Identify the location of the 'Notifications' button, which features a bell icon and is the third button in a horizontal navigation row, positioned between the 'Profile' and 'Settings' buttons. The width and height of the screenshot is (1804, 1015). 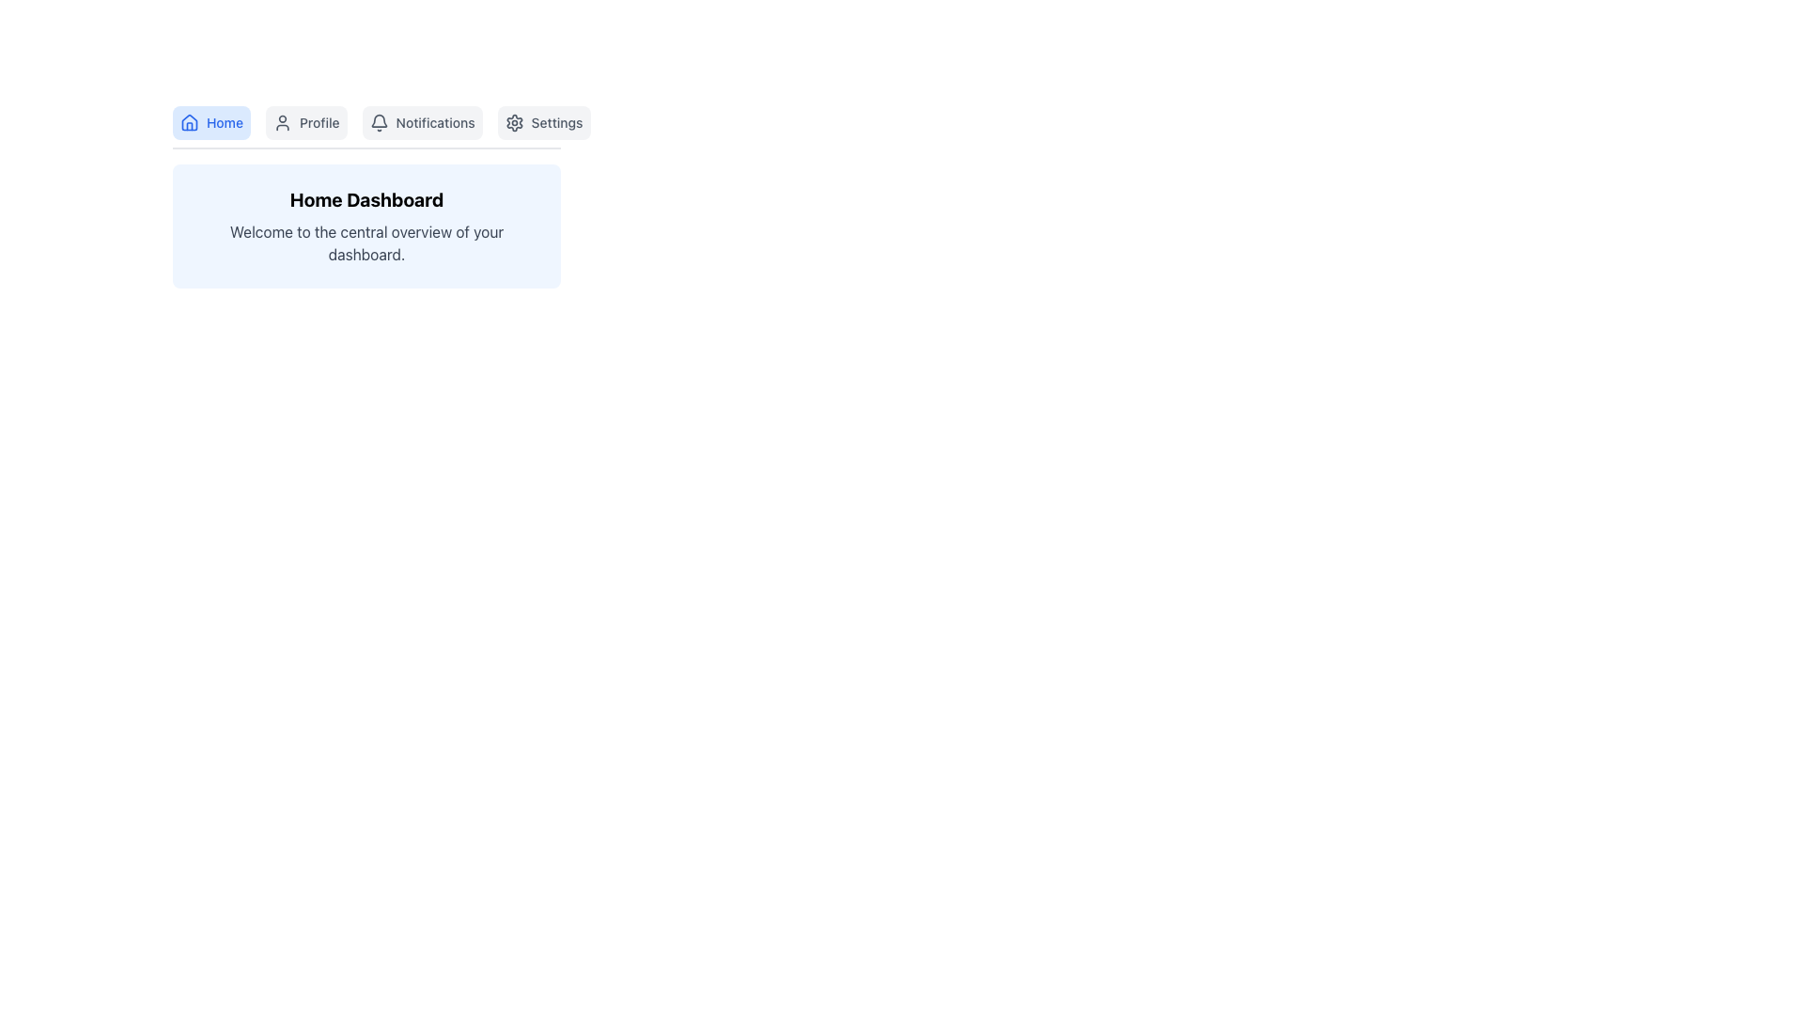
(421, 123).